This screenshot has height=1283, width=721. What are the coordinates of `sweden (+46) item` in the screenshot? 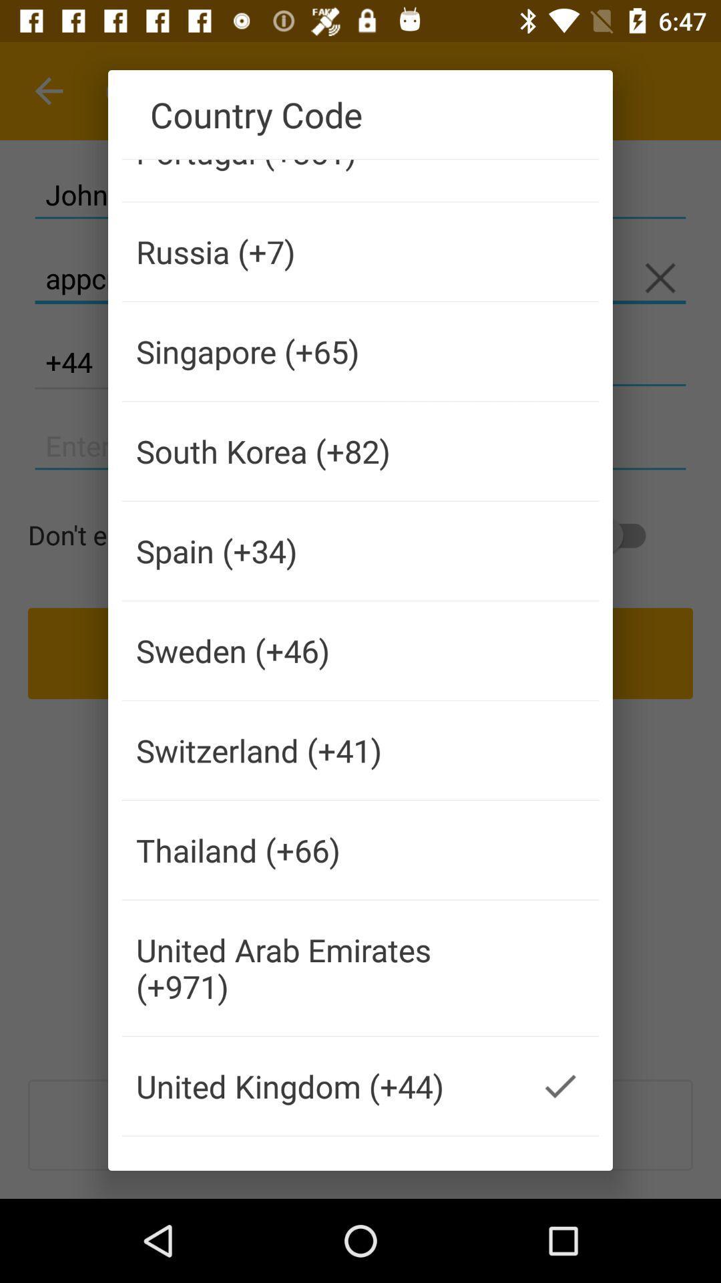 It's located at (322, 650).